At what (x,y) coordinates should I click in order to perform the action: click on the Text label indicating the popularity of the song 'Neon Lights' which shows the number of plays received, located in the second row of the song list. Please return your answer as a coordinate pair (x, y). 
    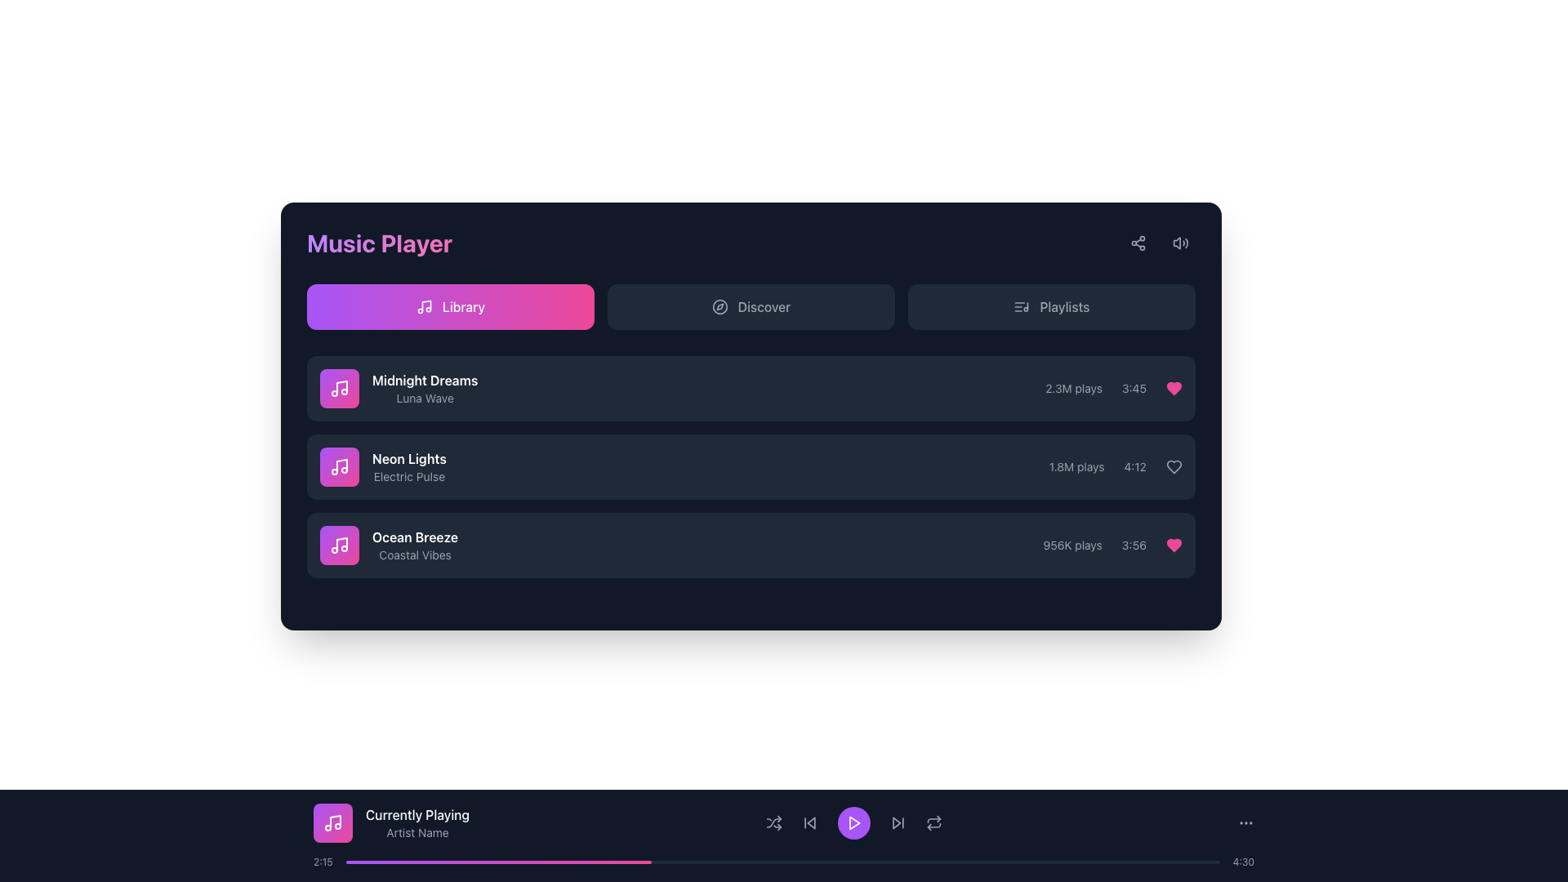
    Looking at the image, I should click on (1076, 466).